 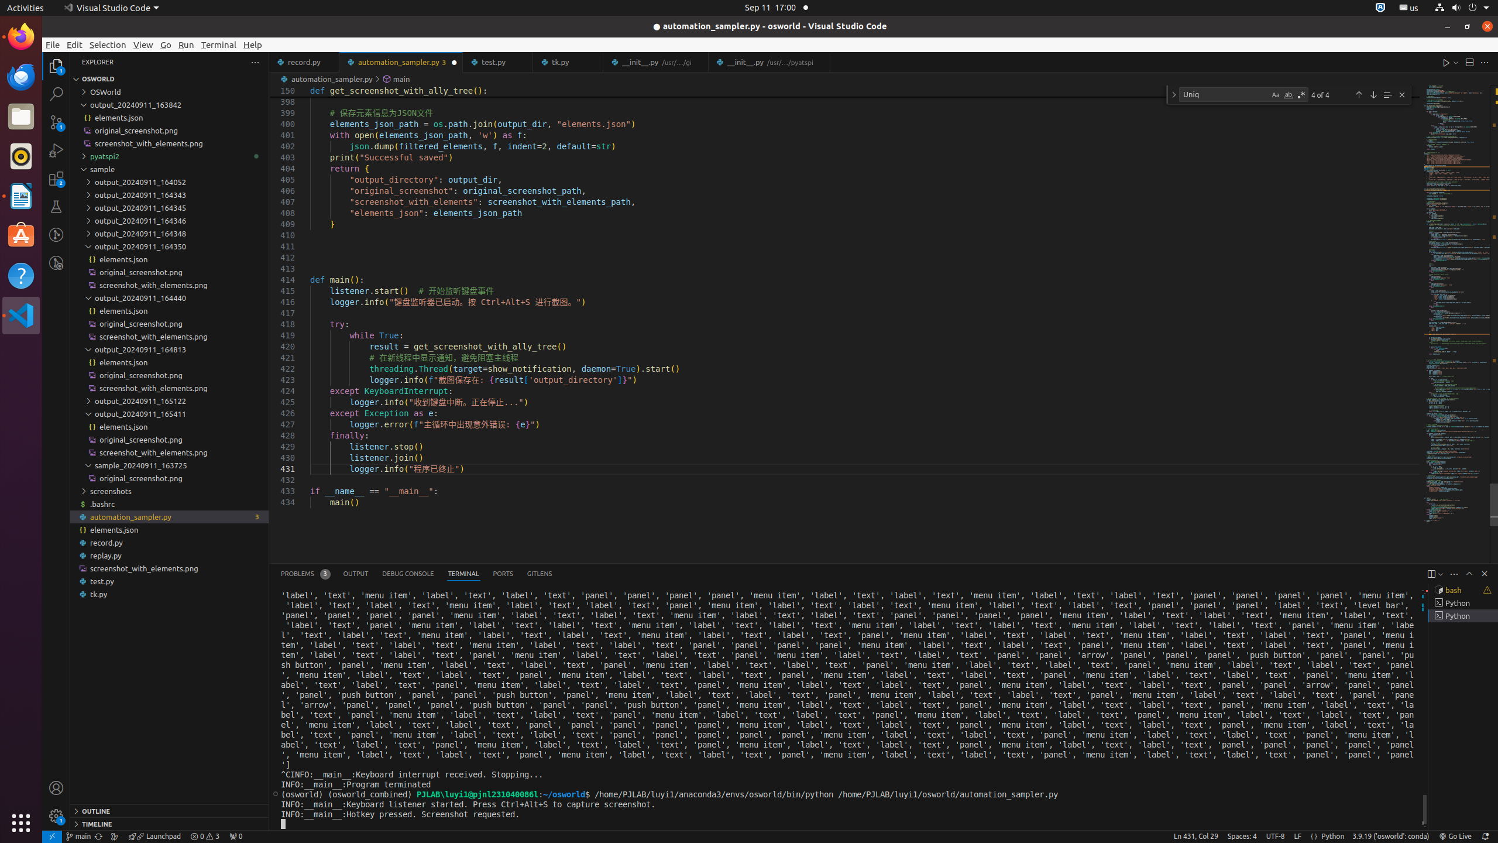 What do you see at coordinates (1358, 94) in the screenshot?
I see `'Previous Match (Shift+Enter)'` at bounding box center [1358, 94].